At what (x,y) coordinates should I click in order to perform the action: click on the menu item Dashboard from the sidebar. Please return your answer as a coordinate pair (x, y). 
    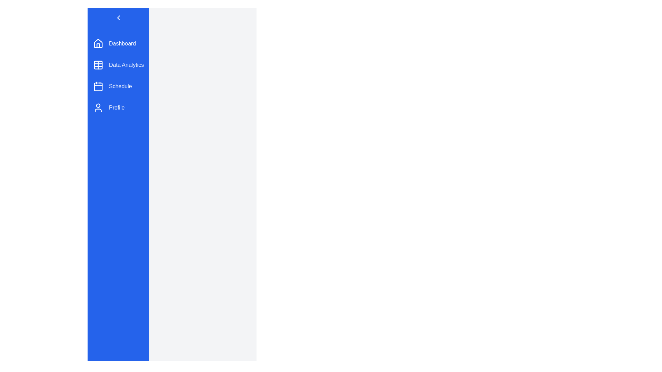
    Looking at the image, I should click on (118, 44).